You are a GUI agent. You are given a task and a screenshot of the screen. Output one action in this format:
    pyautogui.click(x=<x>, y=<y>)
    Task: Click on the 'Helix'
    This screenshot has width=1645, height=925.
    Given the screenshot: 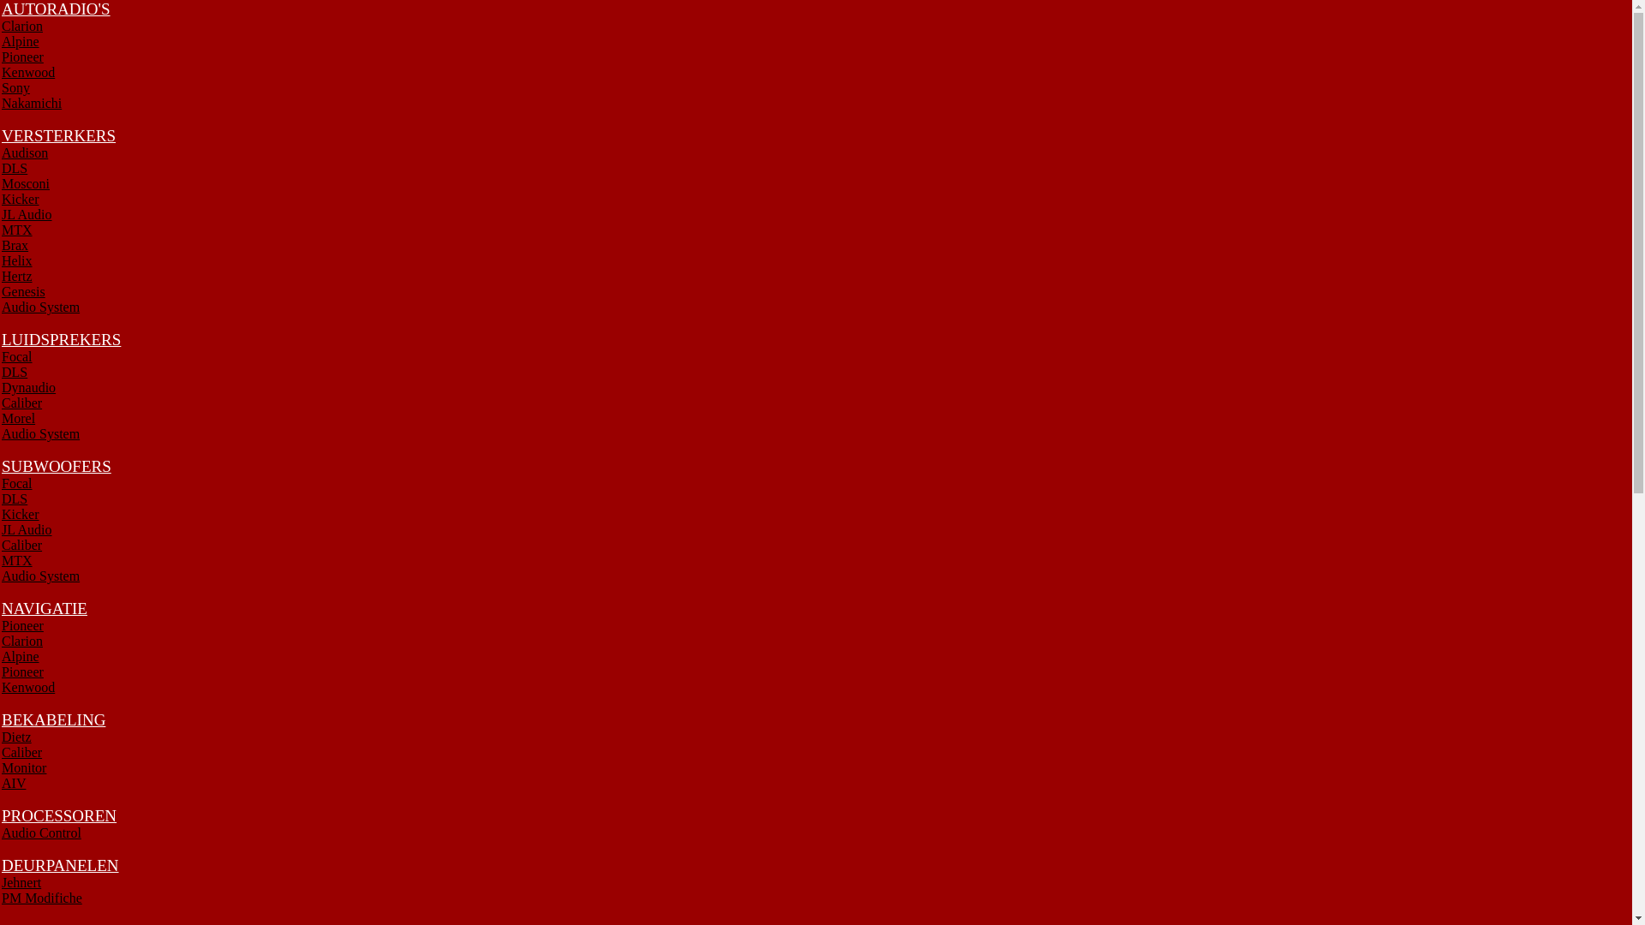 What is the action you would take?
    pyautogui.click(x=16, y=260)
    